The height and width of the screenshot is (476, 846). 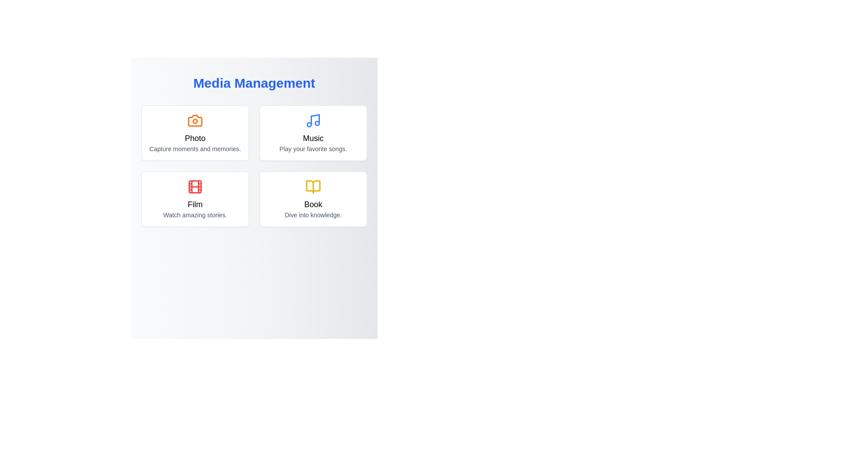 I want to click on the red film reel icon in the 'Film' section, which is located below the 'Media Management' heading, so click(x=194, y=186).